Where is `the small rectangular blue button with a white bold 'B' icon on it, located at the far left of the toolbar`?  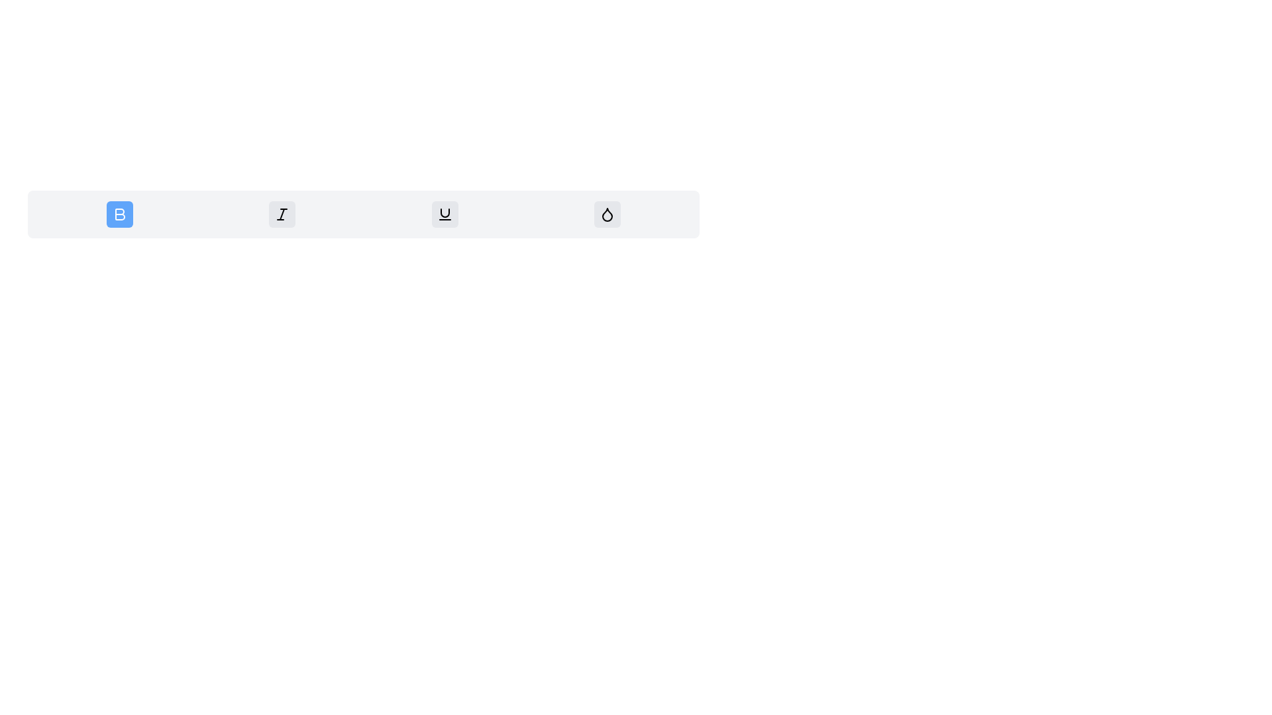
the small rectangular blue button with a white bold 'B' icon on it, located at the far left of the toolbar is located at coordinates (119, 214).